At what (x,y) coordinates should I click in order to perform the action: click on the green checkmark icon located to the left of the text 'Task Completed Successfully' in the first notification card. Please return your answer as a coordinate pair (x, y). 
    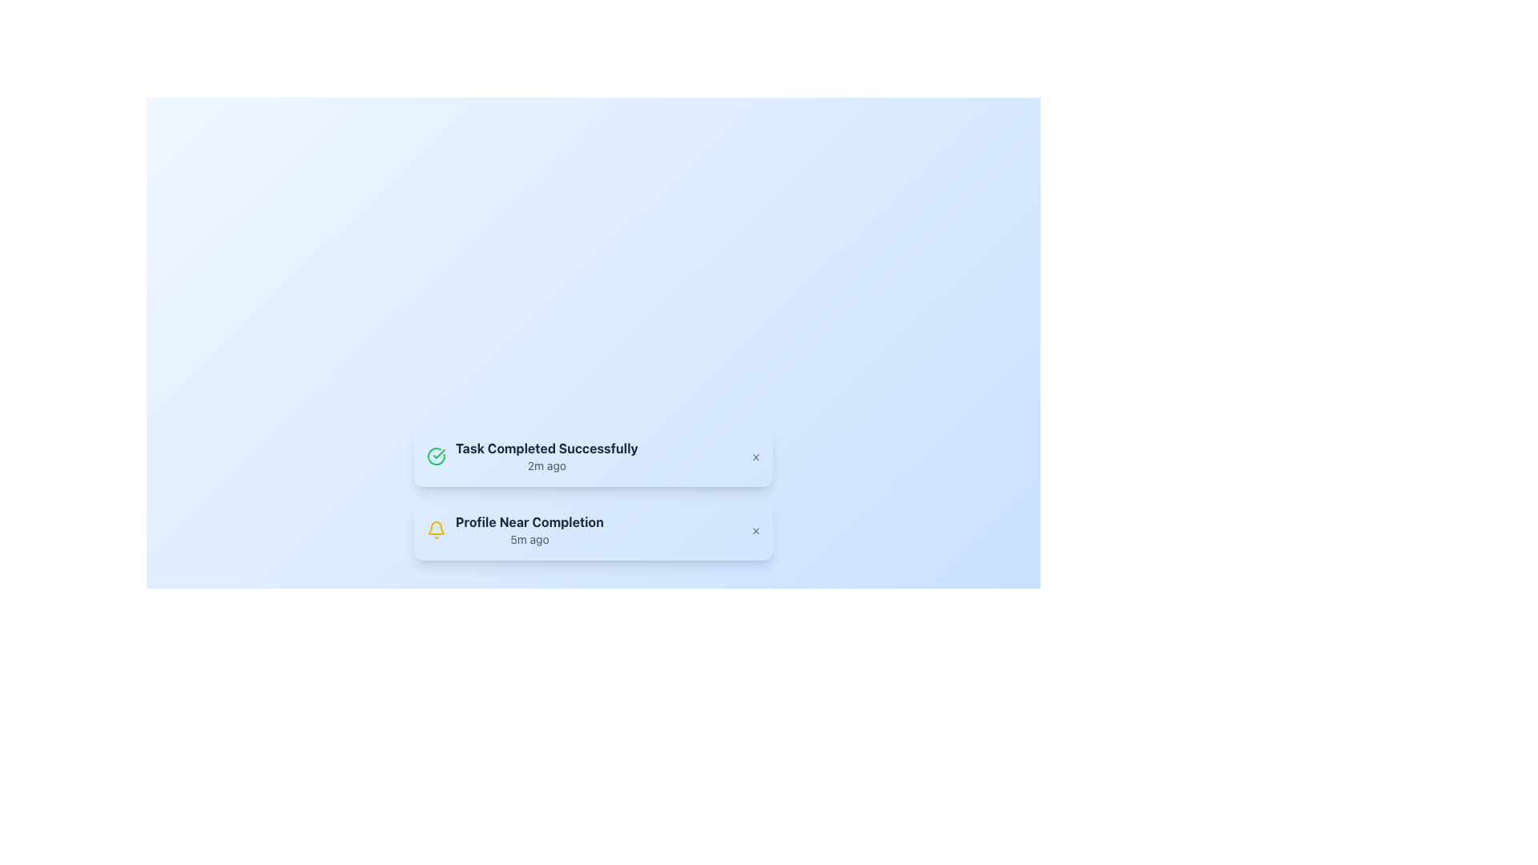
    Looking at the image, I should click on (437, 457).